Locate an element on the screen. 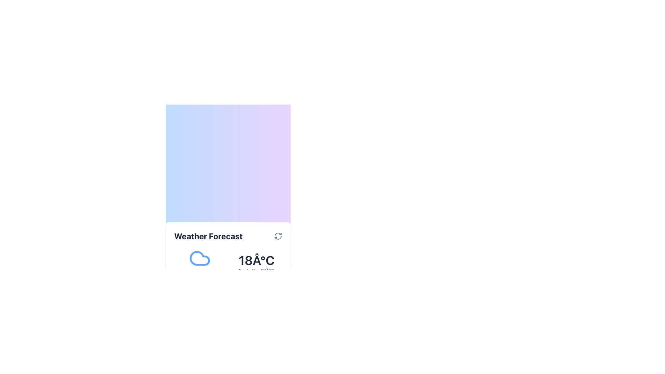  the refresh icon button, which is a gray curved arrow located to the right of the 'Weather Forecast' text is located at coordinates (278, 236).